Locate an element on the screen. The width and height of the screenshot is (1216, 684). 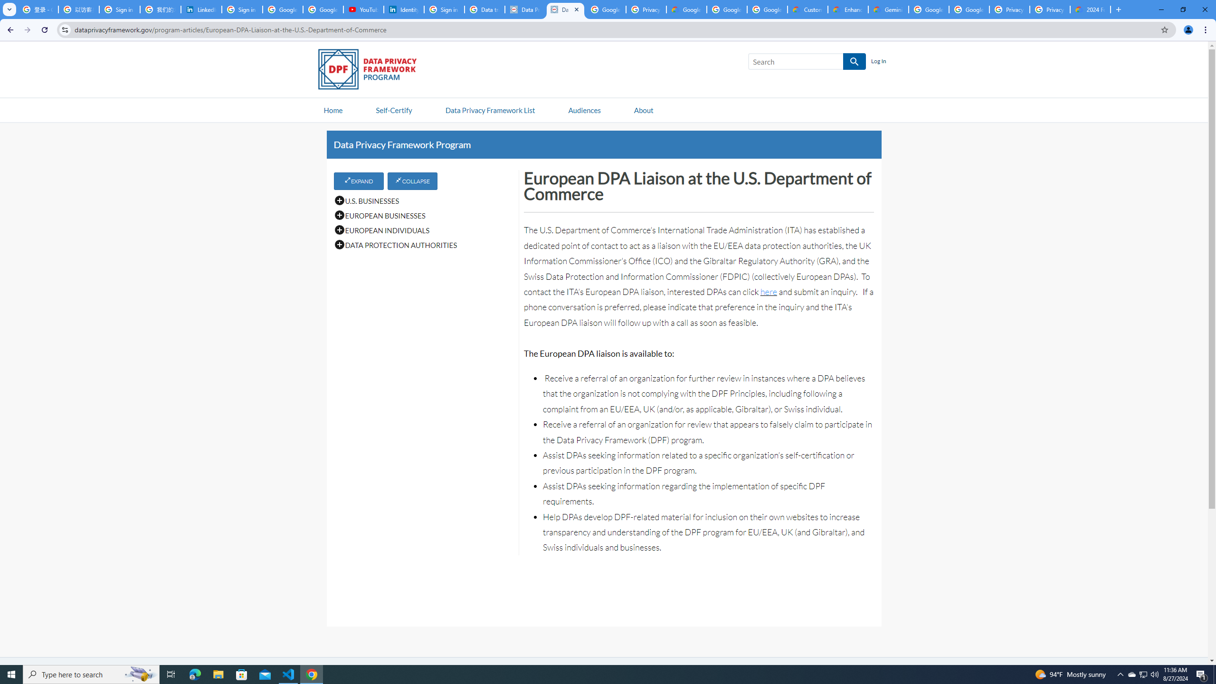
'EXPAND' is located at coordinates (358, 180).